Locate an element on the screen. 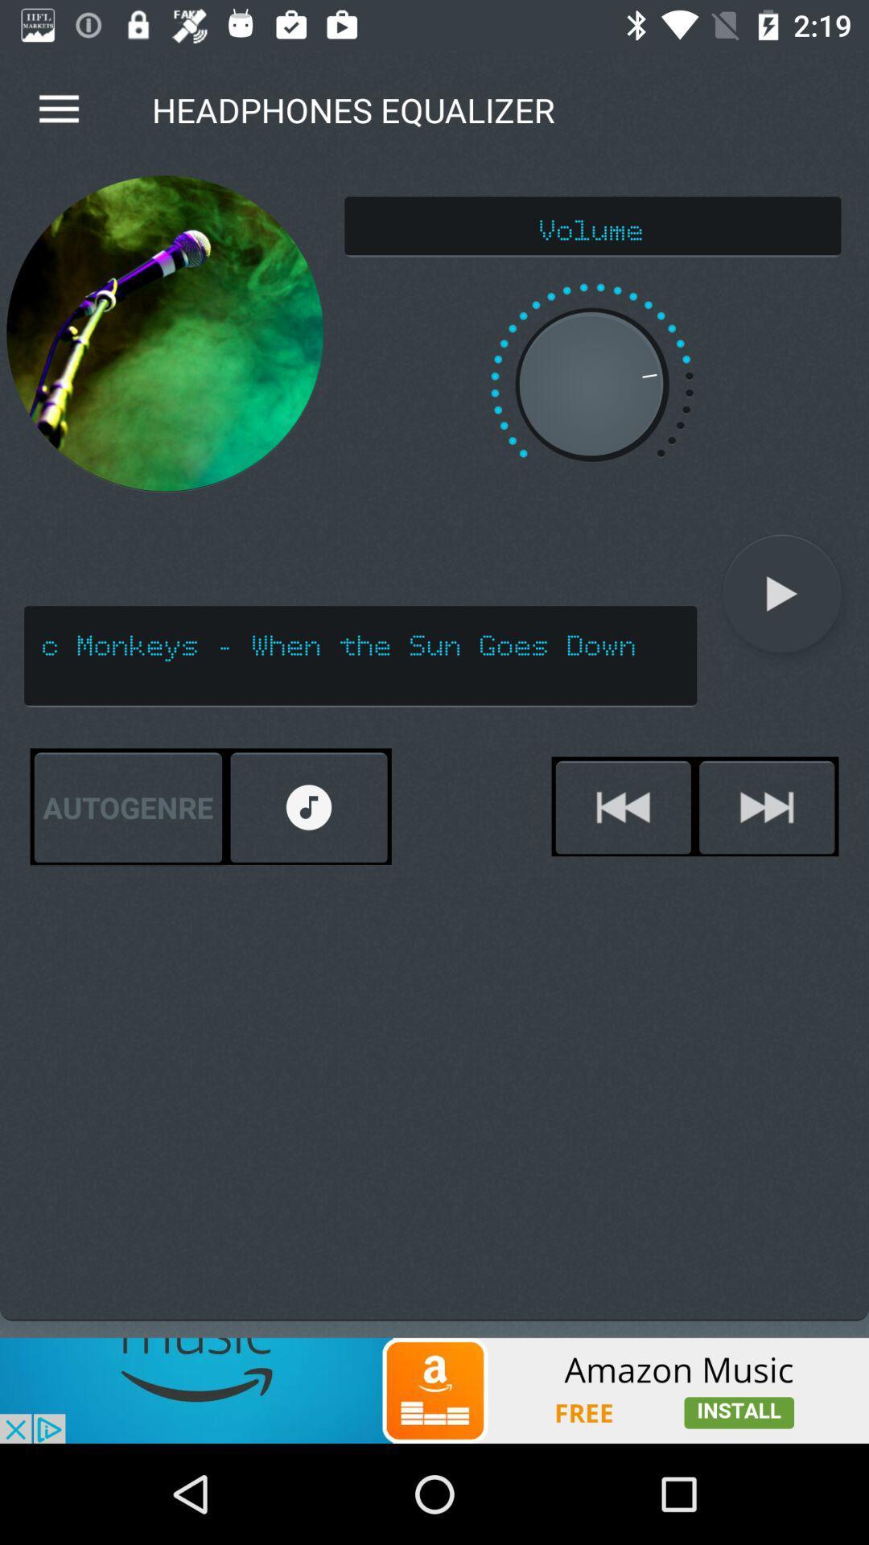  icon to the left of volume item is located at coordinates (165, 333).